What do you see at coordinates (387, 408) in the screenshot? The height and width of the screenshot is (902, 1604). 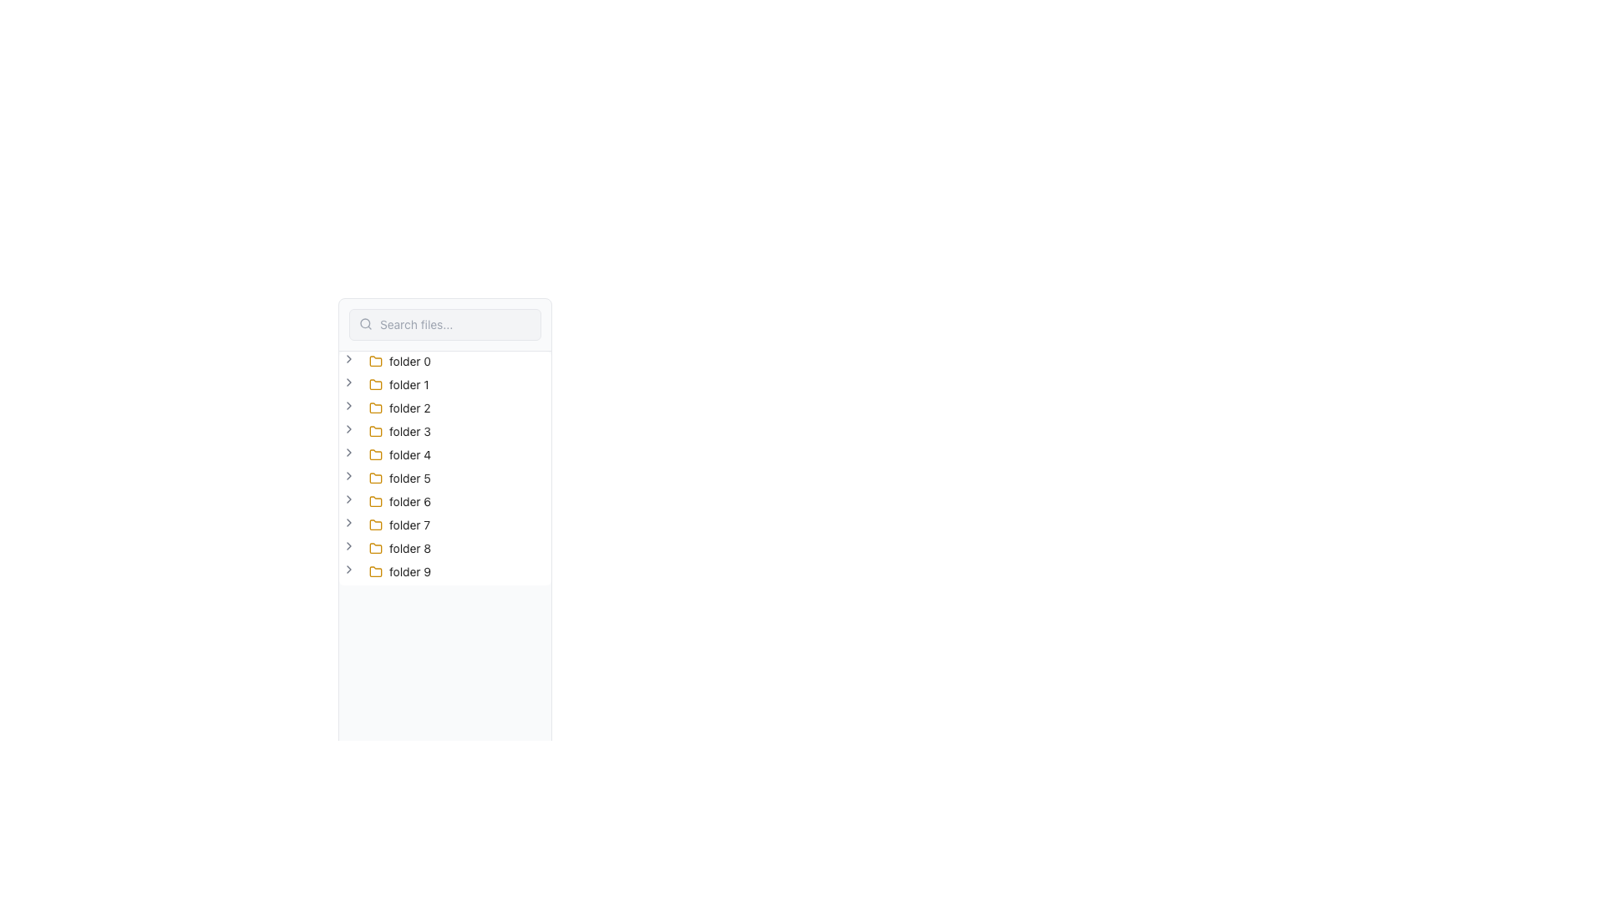 I see `the tree node representing 'folder 2'` at bounding box center [387, 408].